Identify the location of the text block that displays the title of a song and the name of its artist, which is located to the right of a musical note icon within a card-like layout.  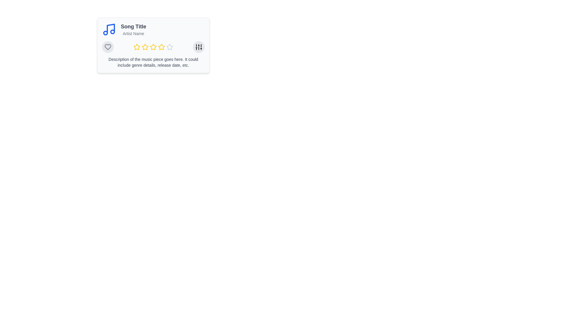
(133, 29).